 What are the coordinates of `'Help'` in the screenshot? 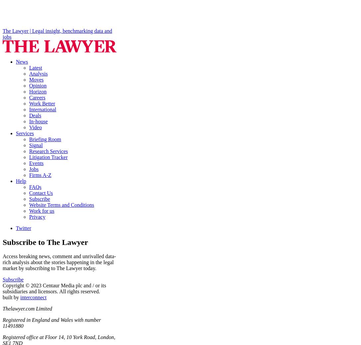 It's located at (21, 181).